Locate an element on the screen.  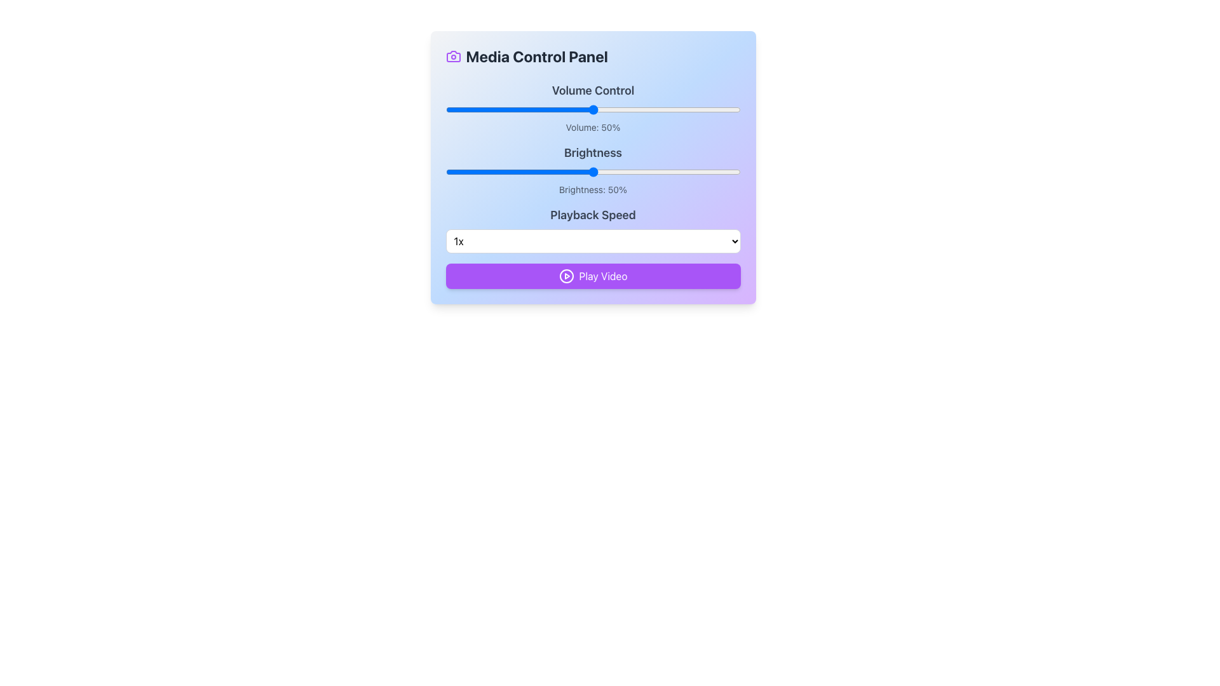
the brightness level is located at coordinates (693, 171).